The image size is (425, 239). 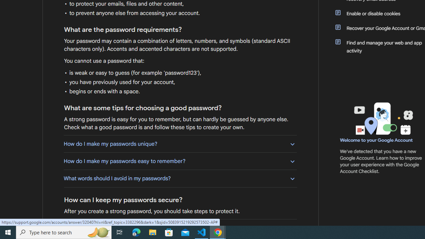 What do you see at coordinates (377, 140) in the screenshot?
I see `'Welcome to your Google Account'` at bounding box center [377, 140].